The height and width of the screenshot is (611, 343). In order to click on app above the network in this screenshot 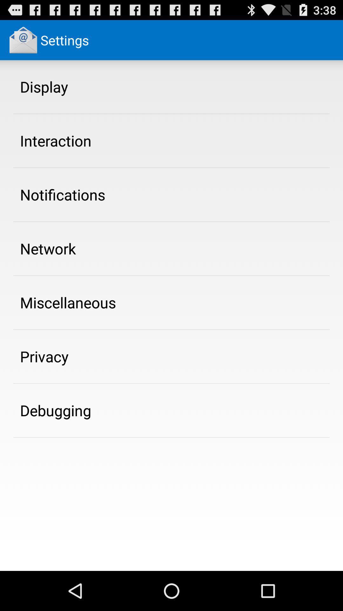, I will do `click(63, 194)`.